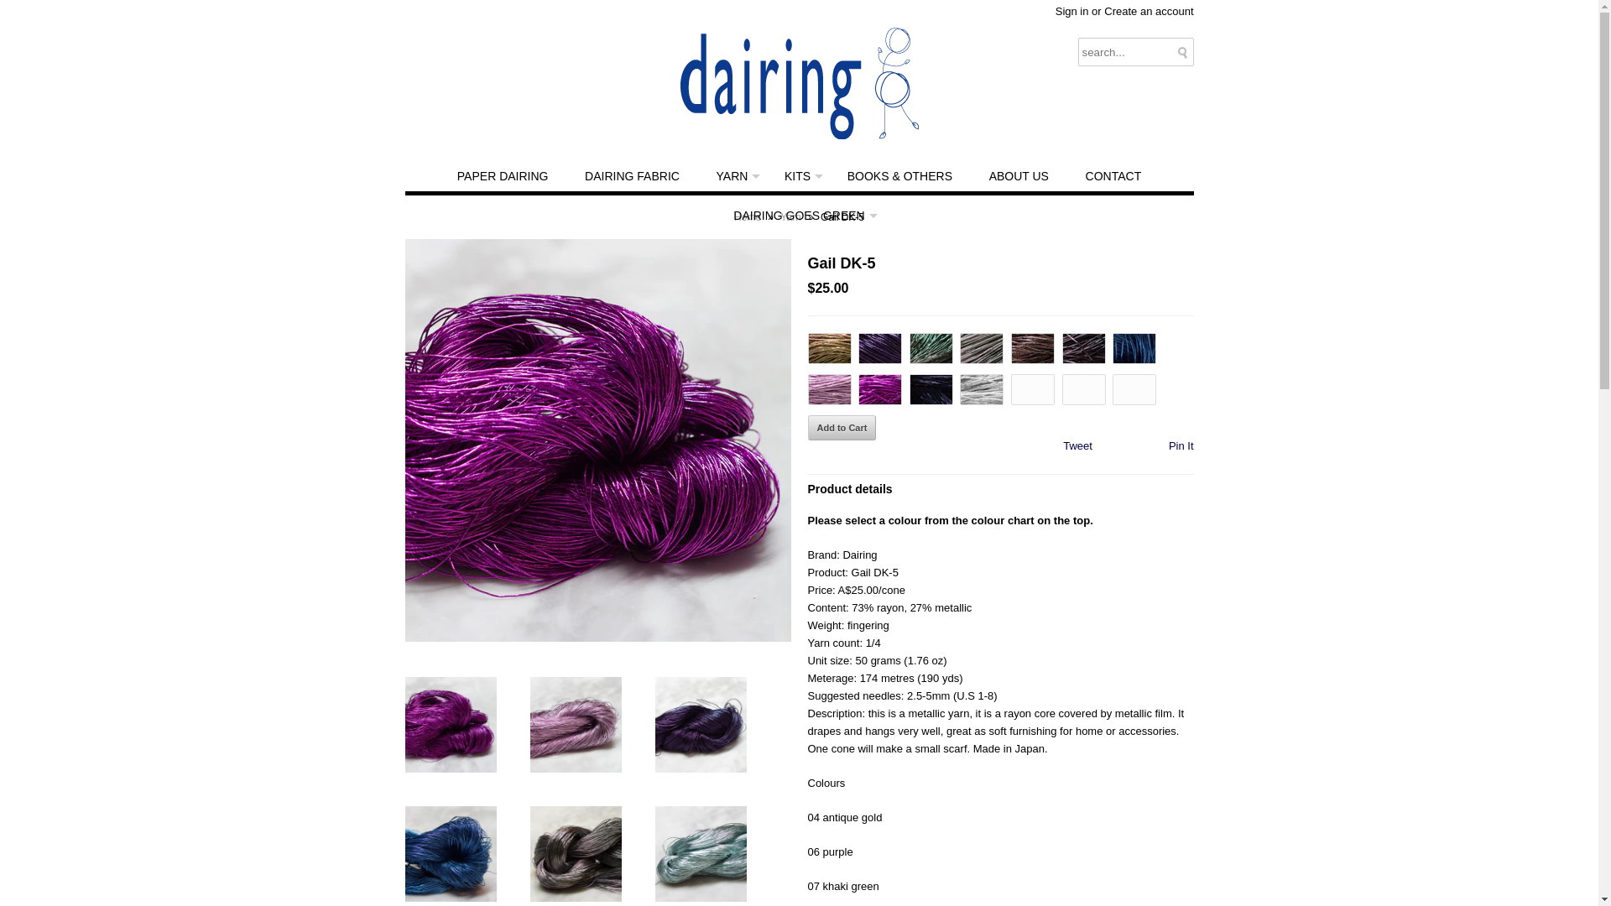  What do you see at coordinates (733, 216) in the screenshot?
I see `'Home'` at bounding box center [733, 216].